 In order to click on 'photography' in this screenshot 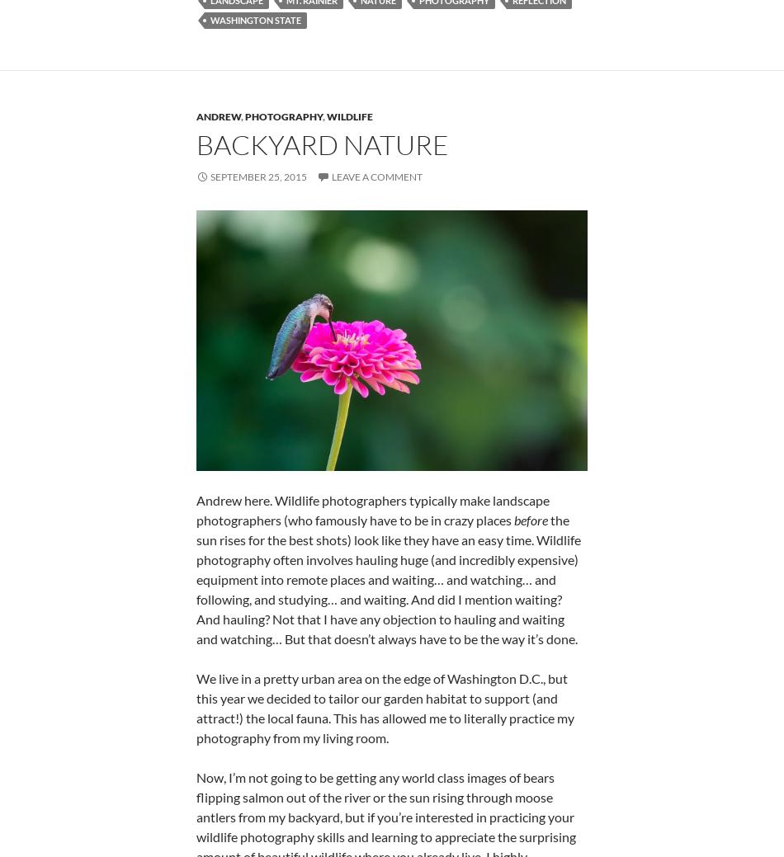, I will do `click(243, 115)`.